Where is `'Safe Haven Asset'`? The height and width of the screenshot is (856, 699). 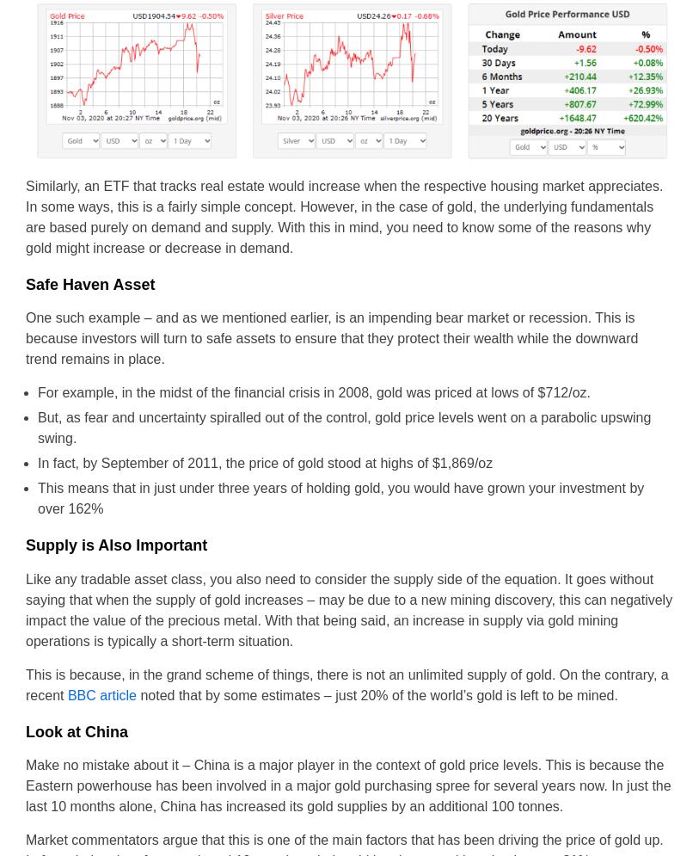 'Safe Haven Asset' is located at coordinates (24, 285).